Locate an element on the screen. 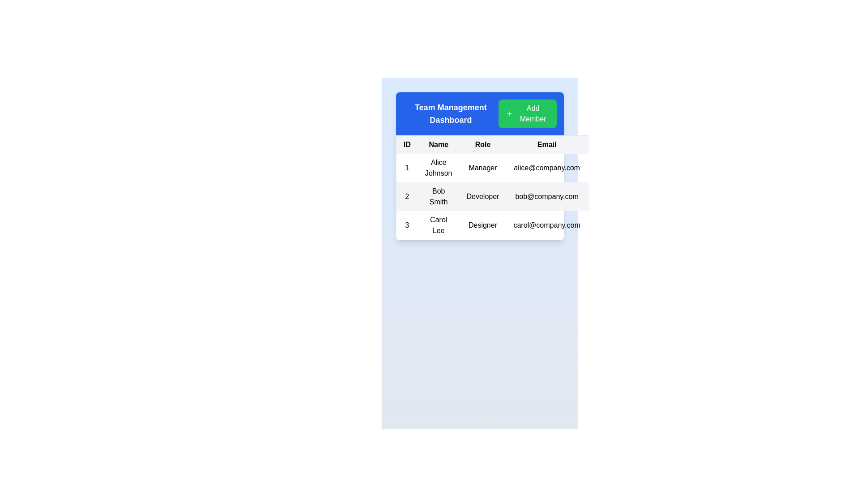  the Text label in the first column of the second row of the table to read its unique numerical ID is located at coordinates (406, 196).